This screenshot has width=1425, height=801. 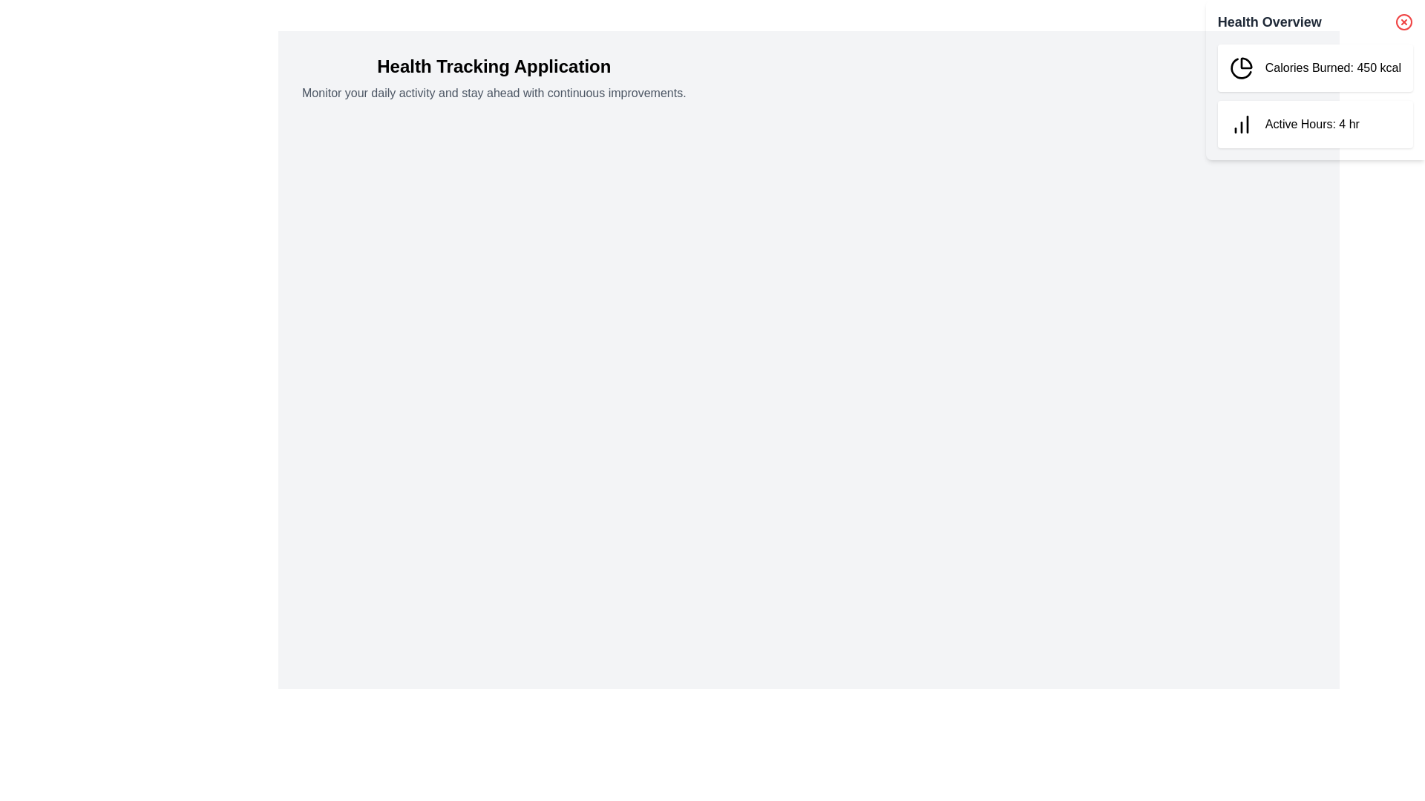 What do you see at coordinates (1403, 22) in the screenshot?
I see `the circular decorative element of the icon located in the top-right corner of the 'Health Overview' panel` at bounding box center [1403, 22].